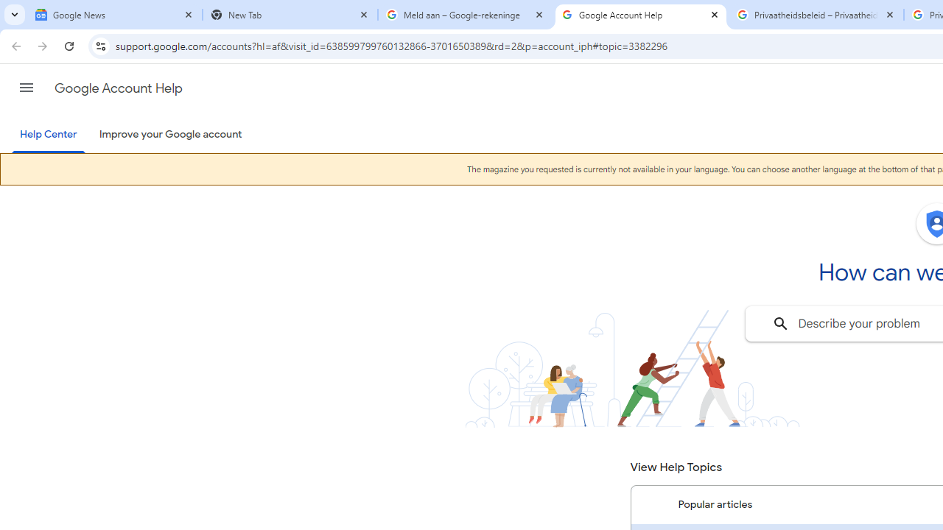 The width and height of the screenshot is (943, 530). Describe the element at coordinates (26, 88) in the screenshot. I see `'Main menu'` at that location.